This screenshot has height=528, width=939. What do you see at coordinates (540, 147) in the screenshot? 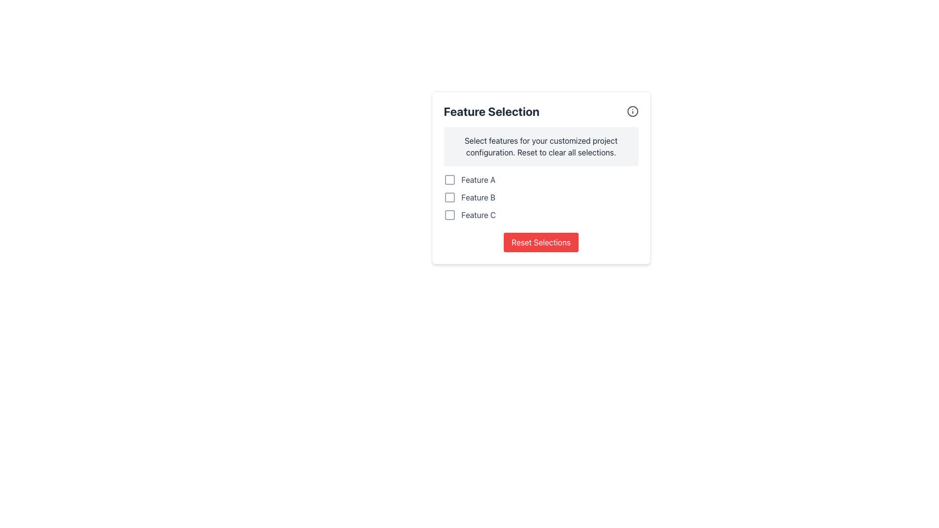
I see `the descriptive text element located below the title in the 'Feature Selection' panel, which explains the purpose and functionality of the feature selection interface` at bounding box center [540, 147].